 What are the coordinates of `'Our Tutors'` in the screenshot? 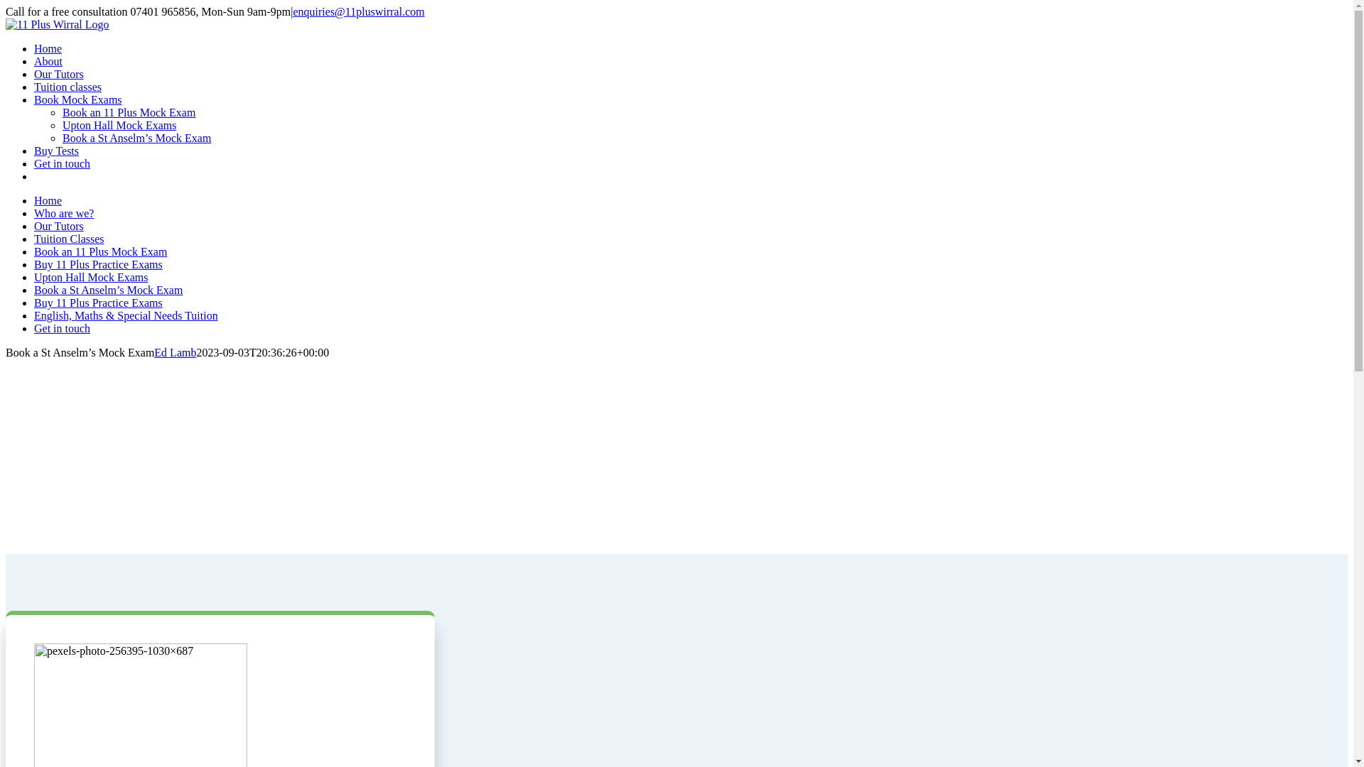 It's located at (58, 225).